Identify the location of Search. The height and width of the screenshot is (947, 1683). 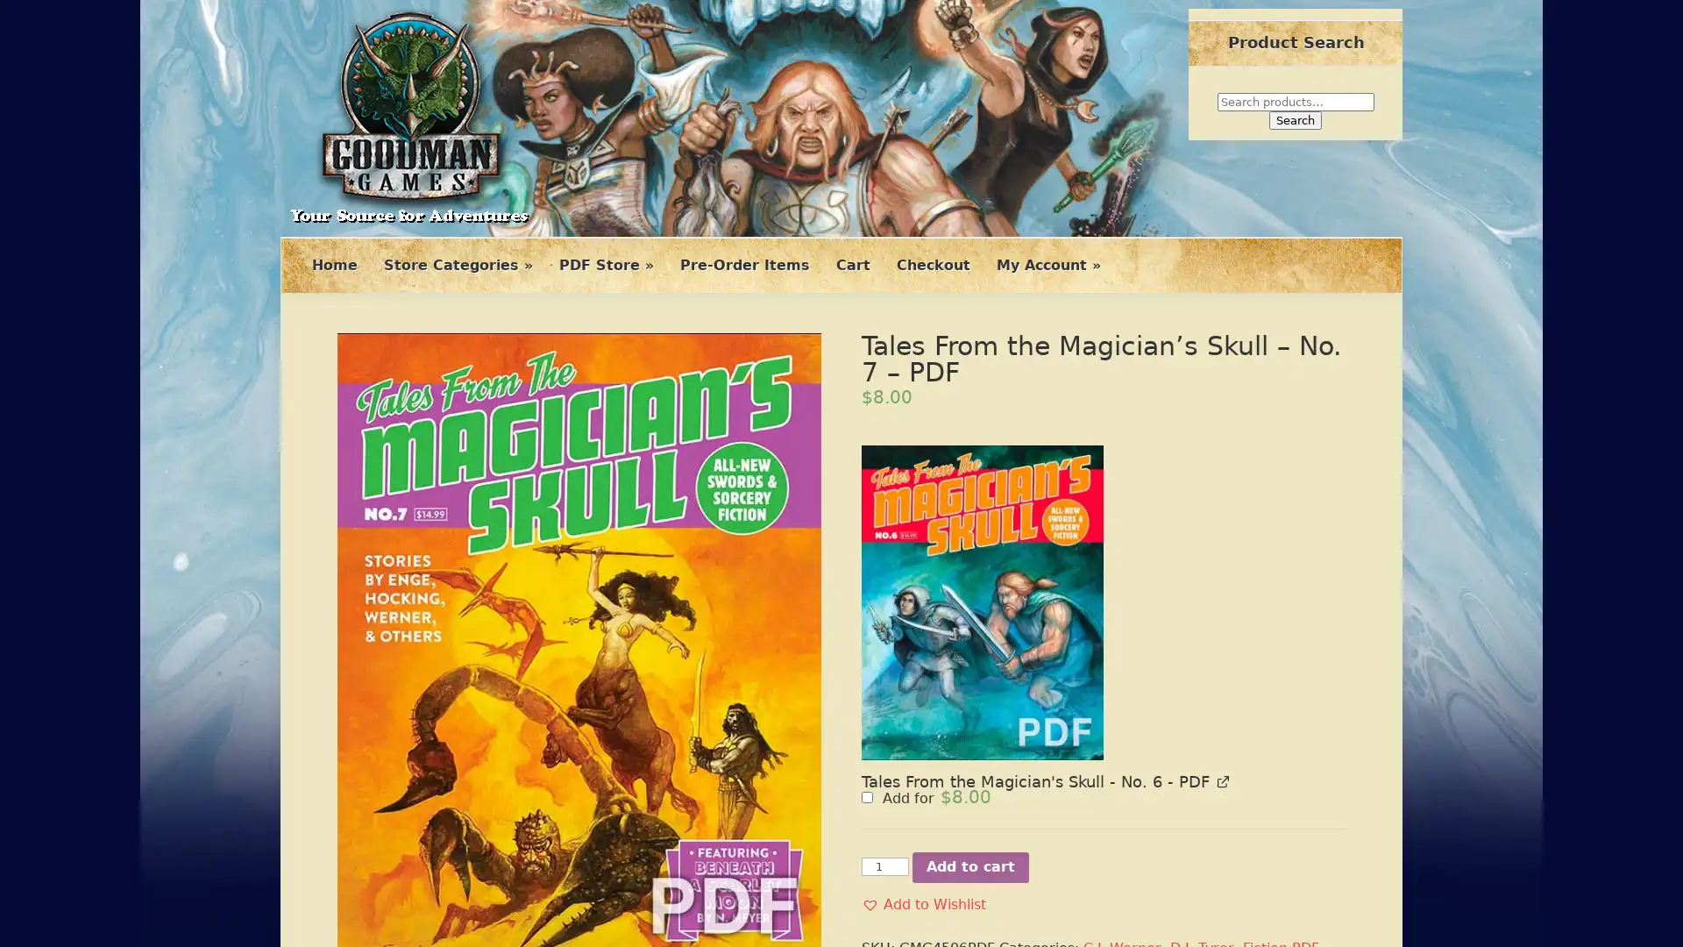
(1296, 119).